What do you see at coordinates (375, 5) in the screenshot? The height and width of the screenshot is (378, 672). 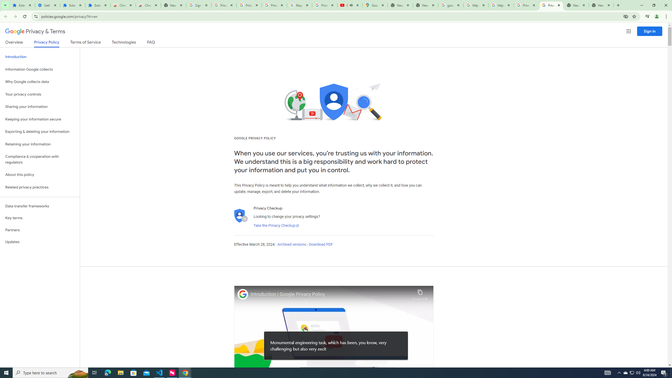 I see `'Google Maps'` at bounding box center [375, 5].